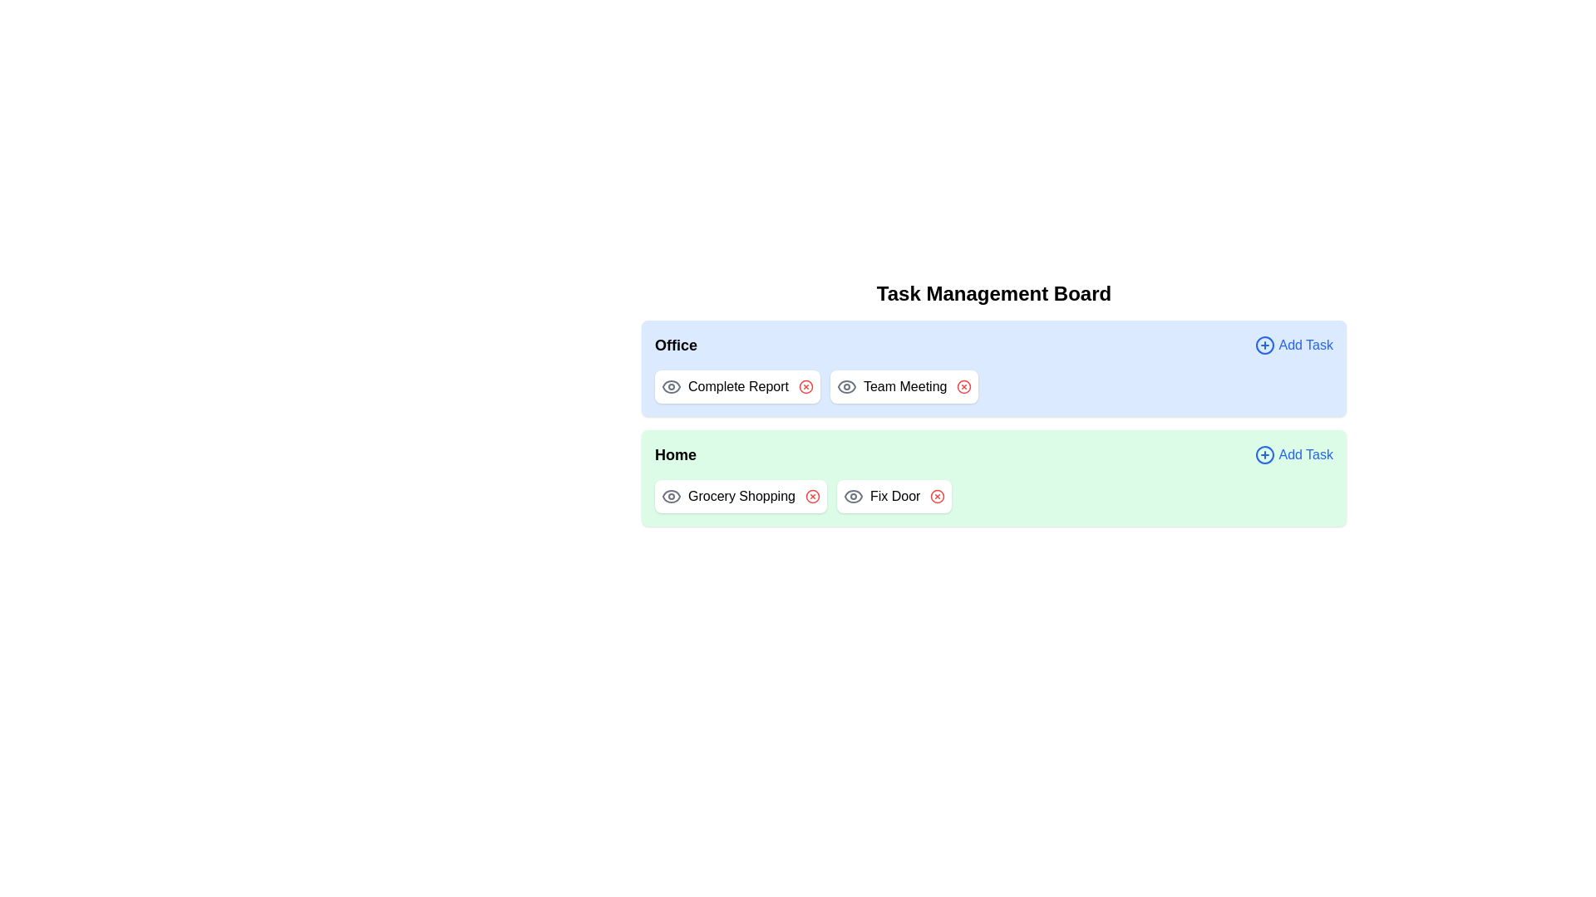 The image size is (1596, 897). What do you see at coordinates (1293, 345) in the screenshot?
I see `the 'Add Task' button for the specified category Office` at bounding box center [1293, 345].